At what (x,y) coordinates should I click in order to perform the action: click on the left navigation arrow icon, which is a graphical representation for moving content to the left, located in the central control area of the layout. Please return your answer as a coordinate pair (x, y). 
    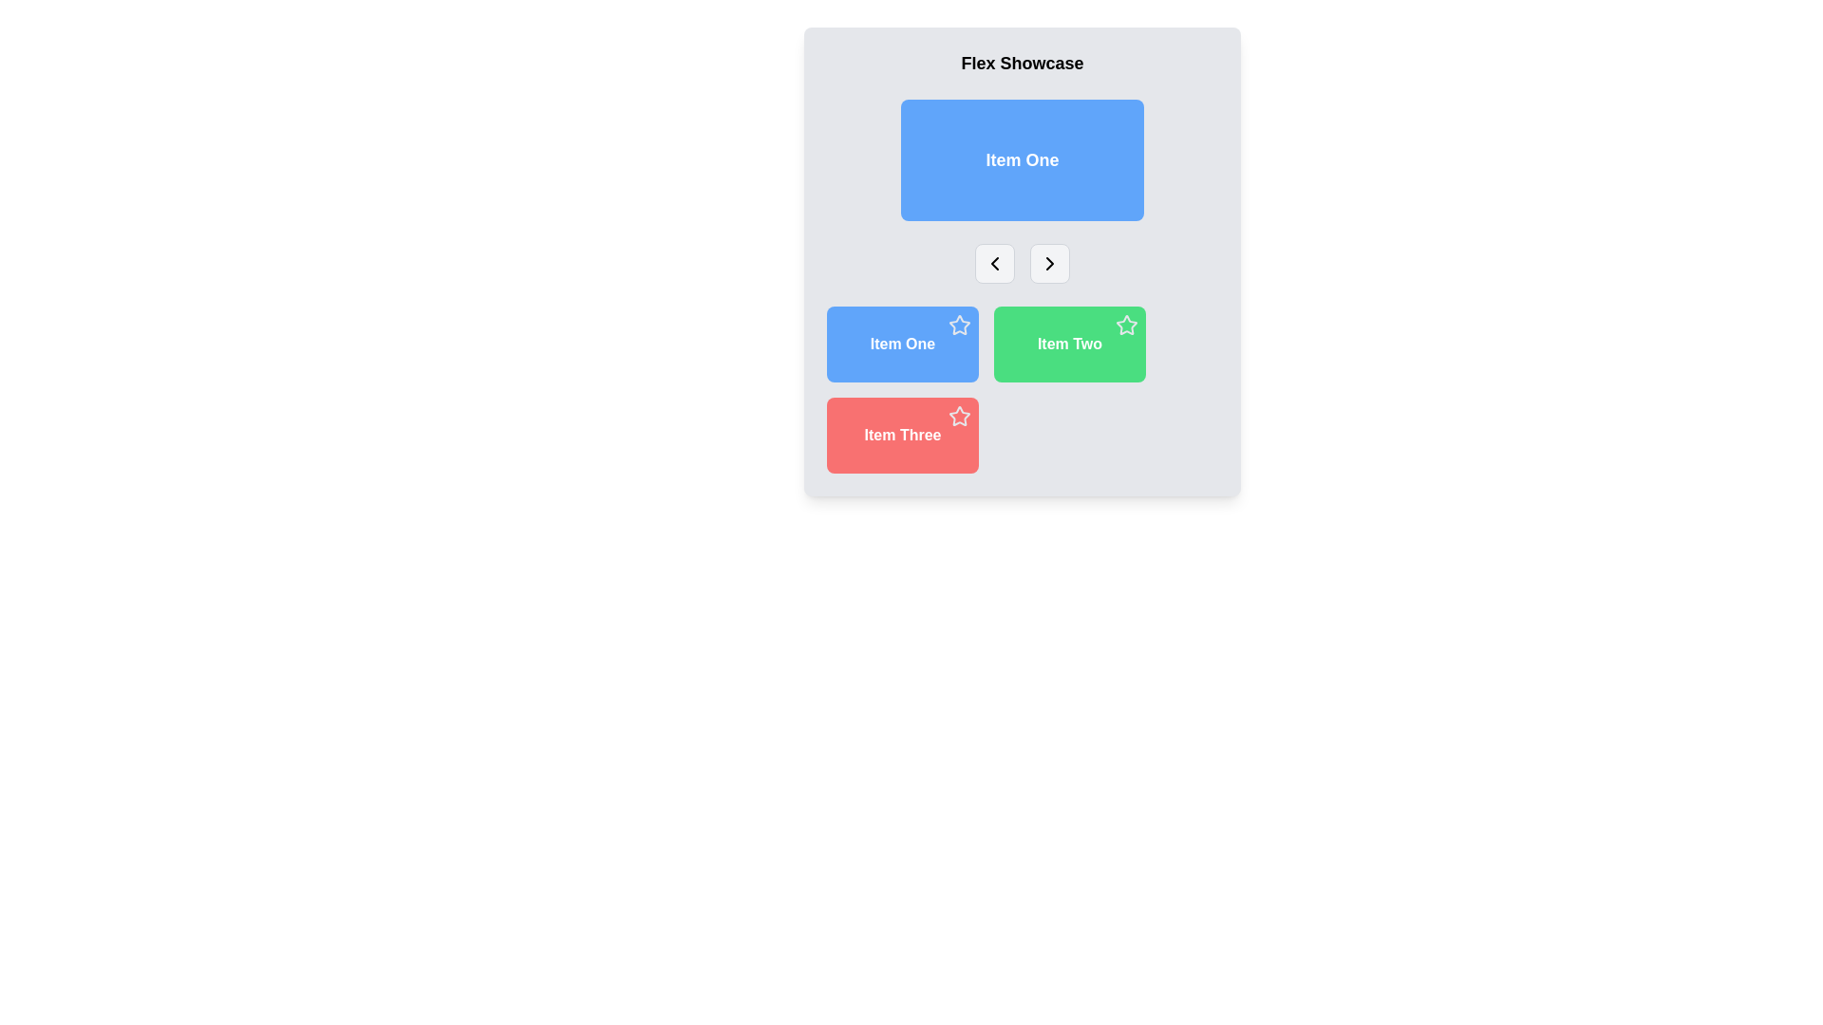
    Looking at the image, I should click on (993, 263).